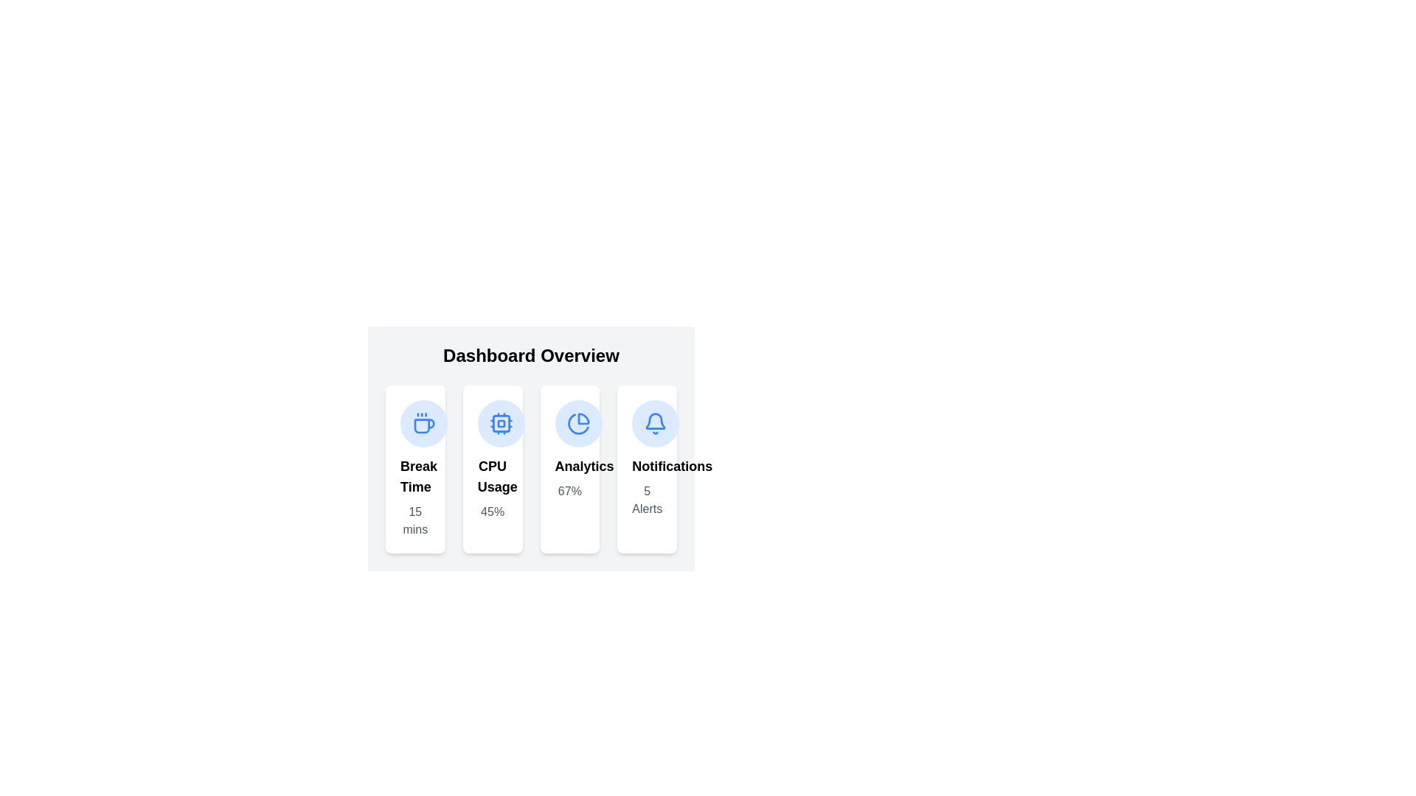  What do you see at coordinates (655, 423) in the screenshot?
I see `the bell icon located at the bottom-right of the icon set in the 'Dashboard Overview' panel, which signifies notifications or alerts` at bounding box center [655, 423].